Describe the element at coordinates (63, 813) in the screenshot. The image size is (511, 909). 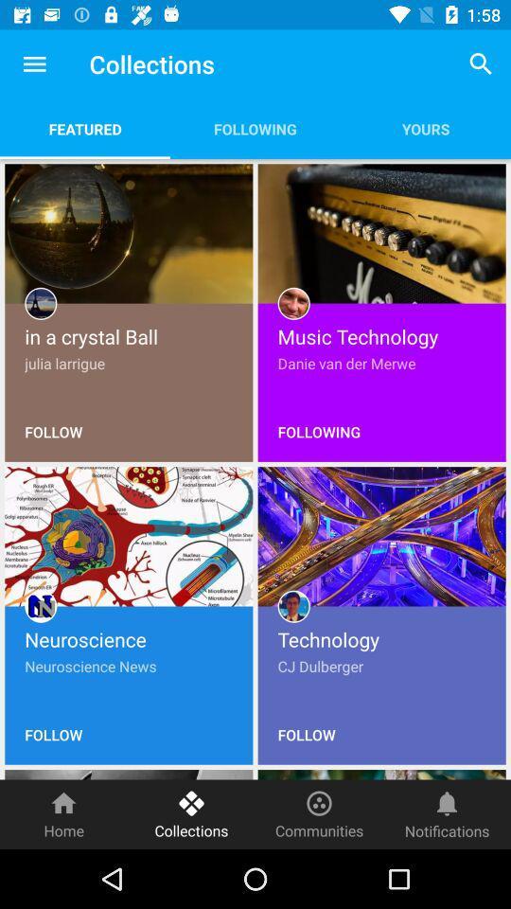
I see `the item to the left of collections` at that location.